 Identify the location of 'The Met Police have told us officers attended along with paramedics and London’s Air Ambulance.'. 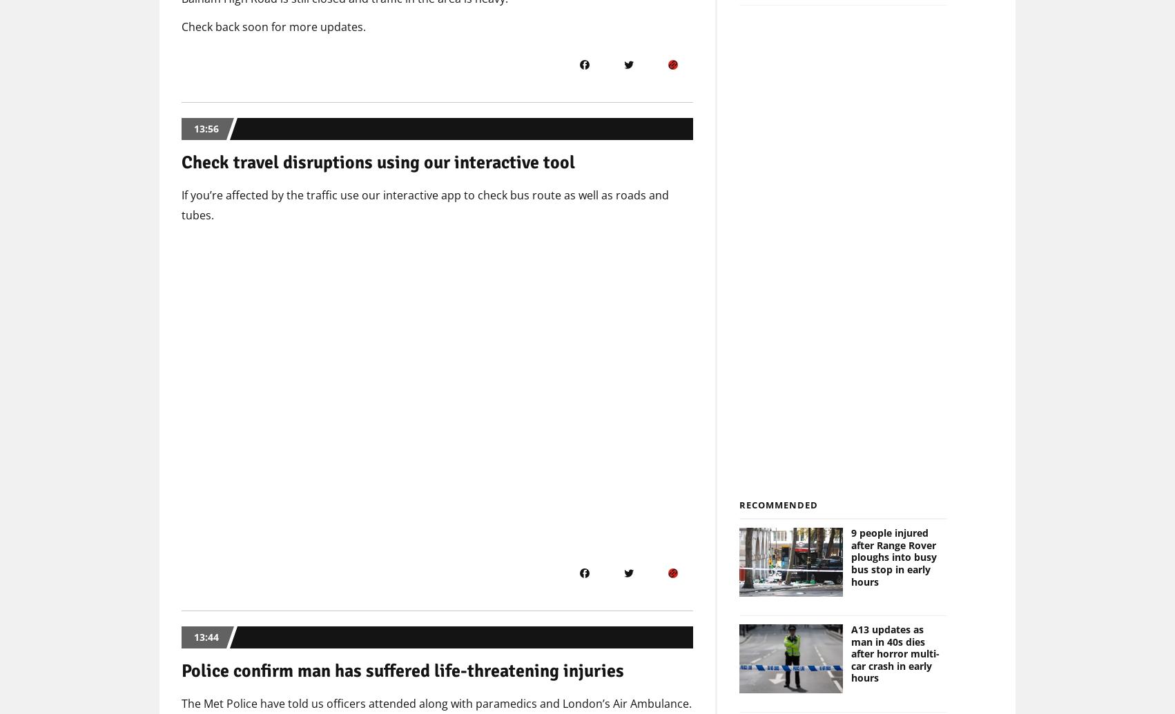
(180, 702).